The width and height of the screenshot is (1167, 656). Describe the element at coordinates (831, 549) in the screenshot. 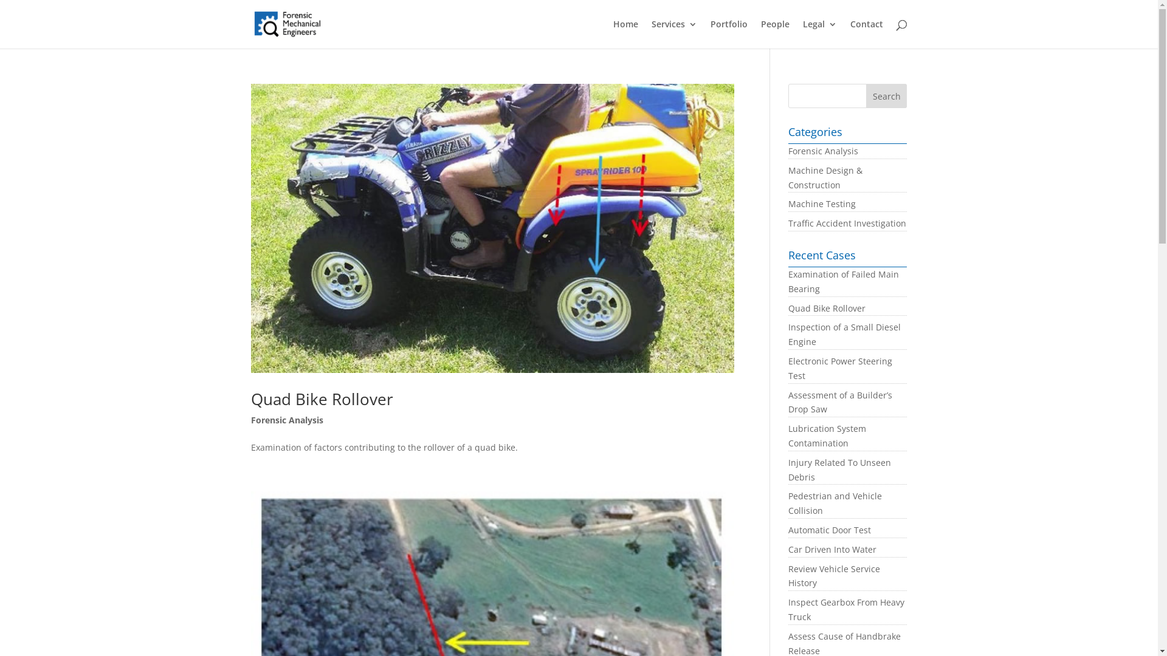

I see `'Car Driven Into Water'` at that location.